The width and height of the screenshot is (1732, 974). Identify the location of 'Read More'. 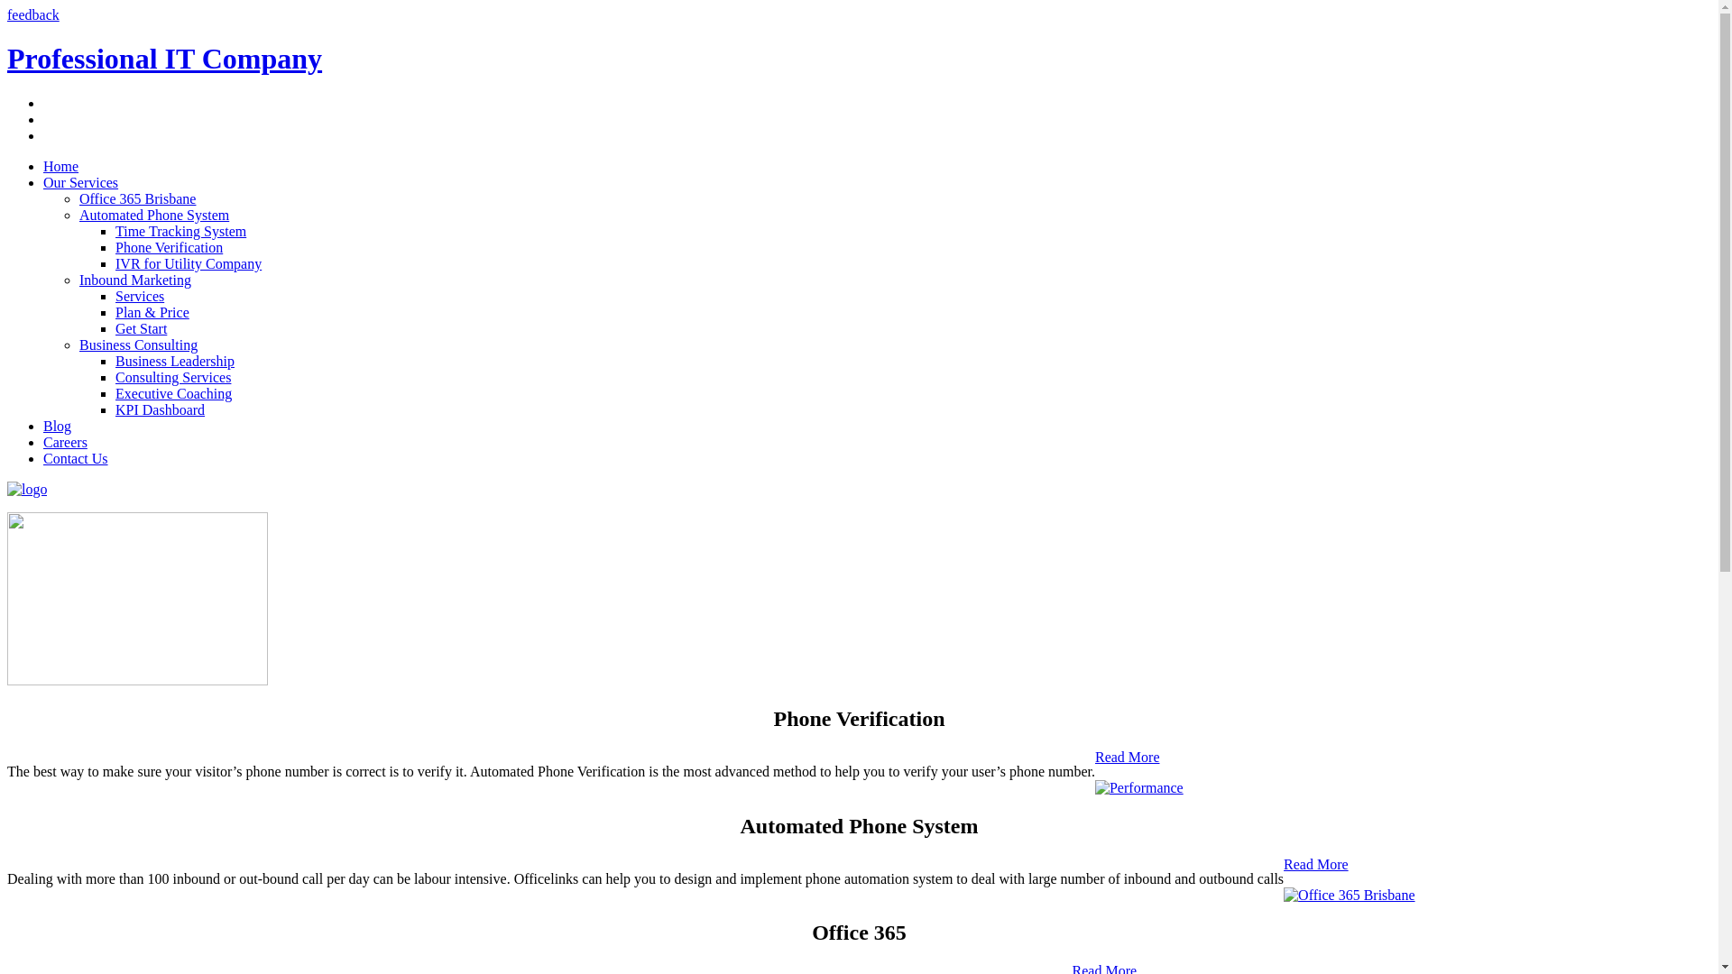
(1126, 757).